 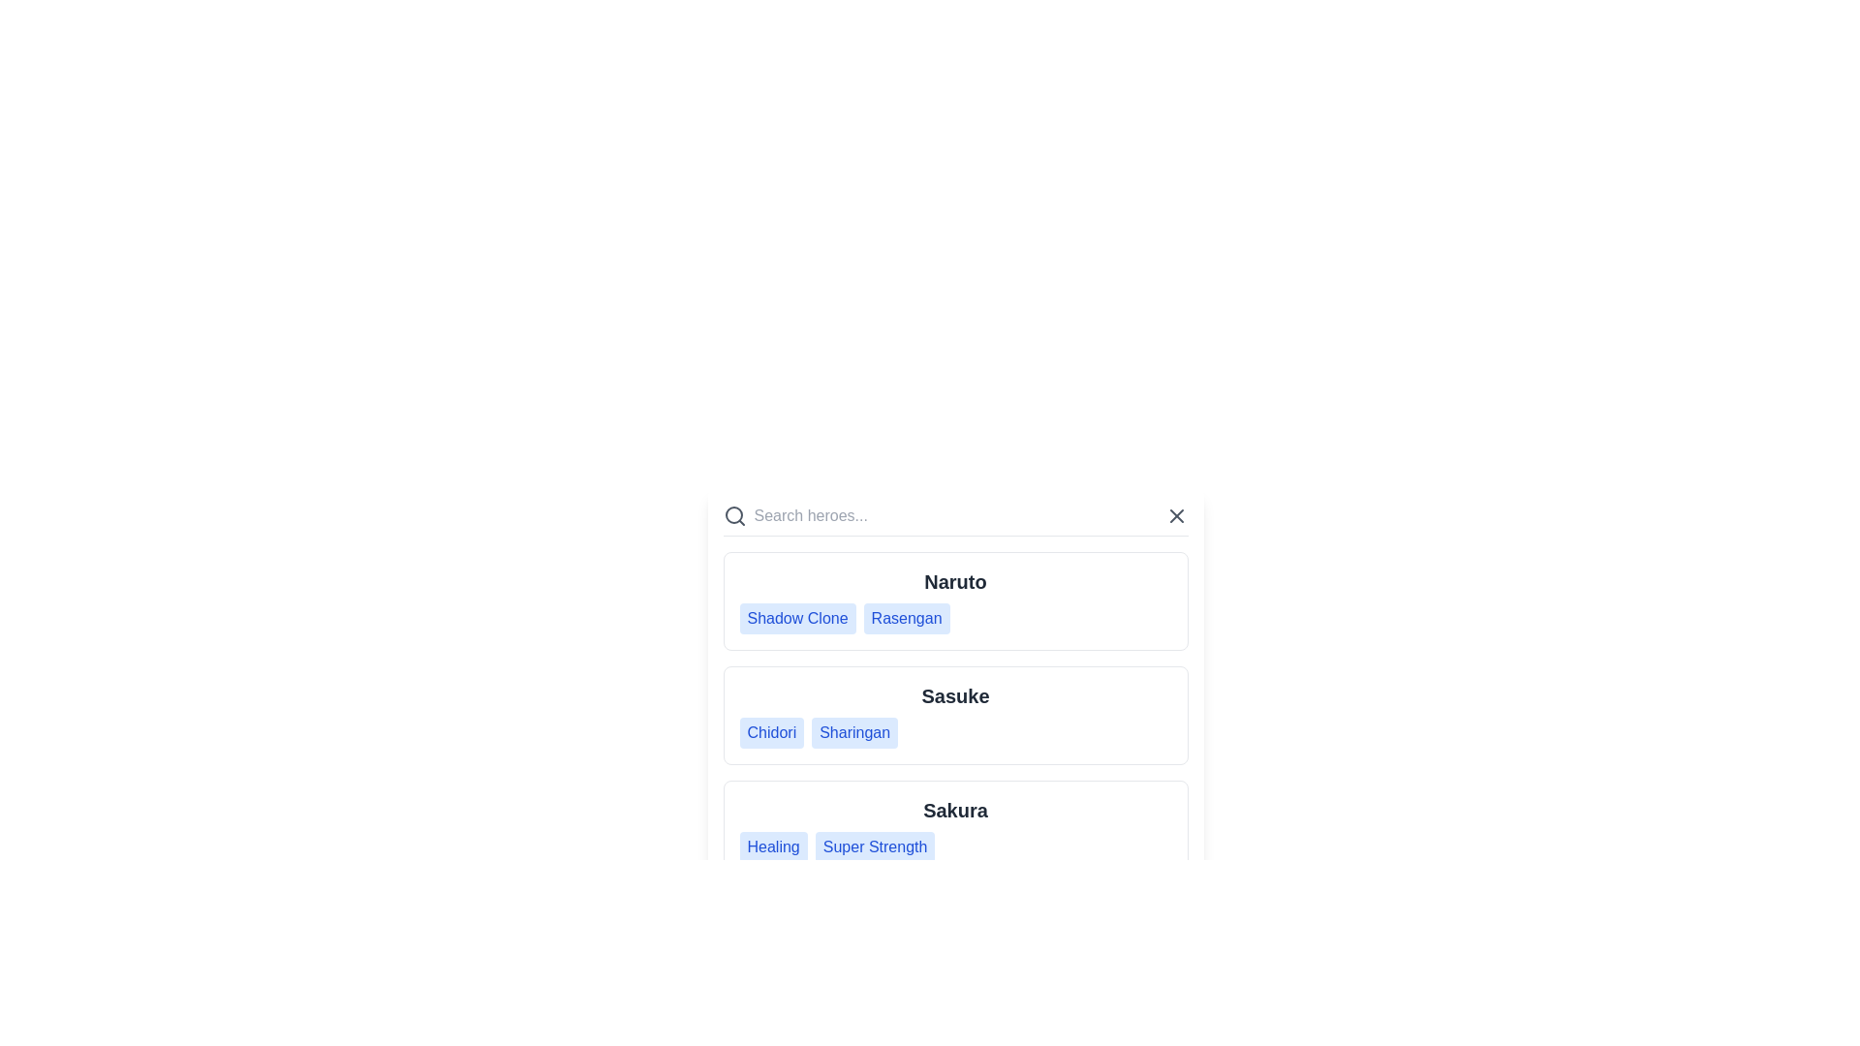 I want to click on the blue badge labeled 'Rasengan' which is the second badge under the heading 'Naruto', so click(x=906, y=619).